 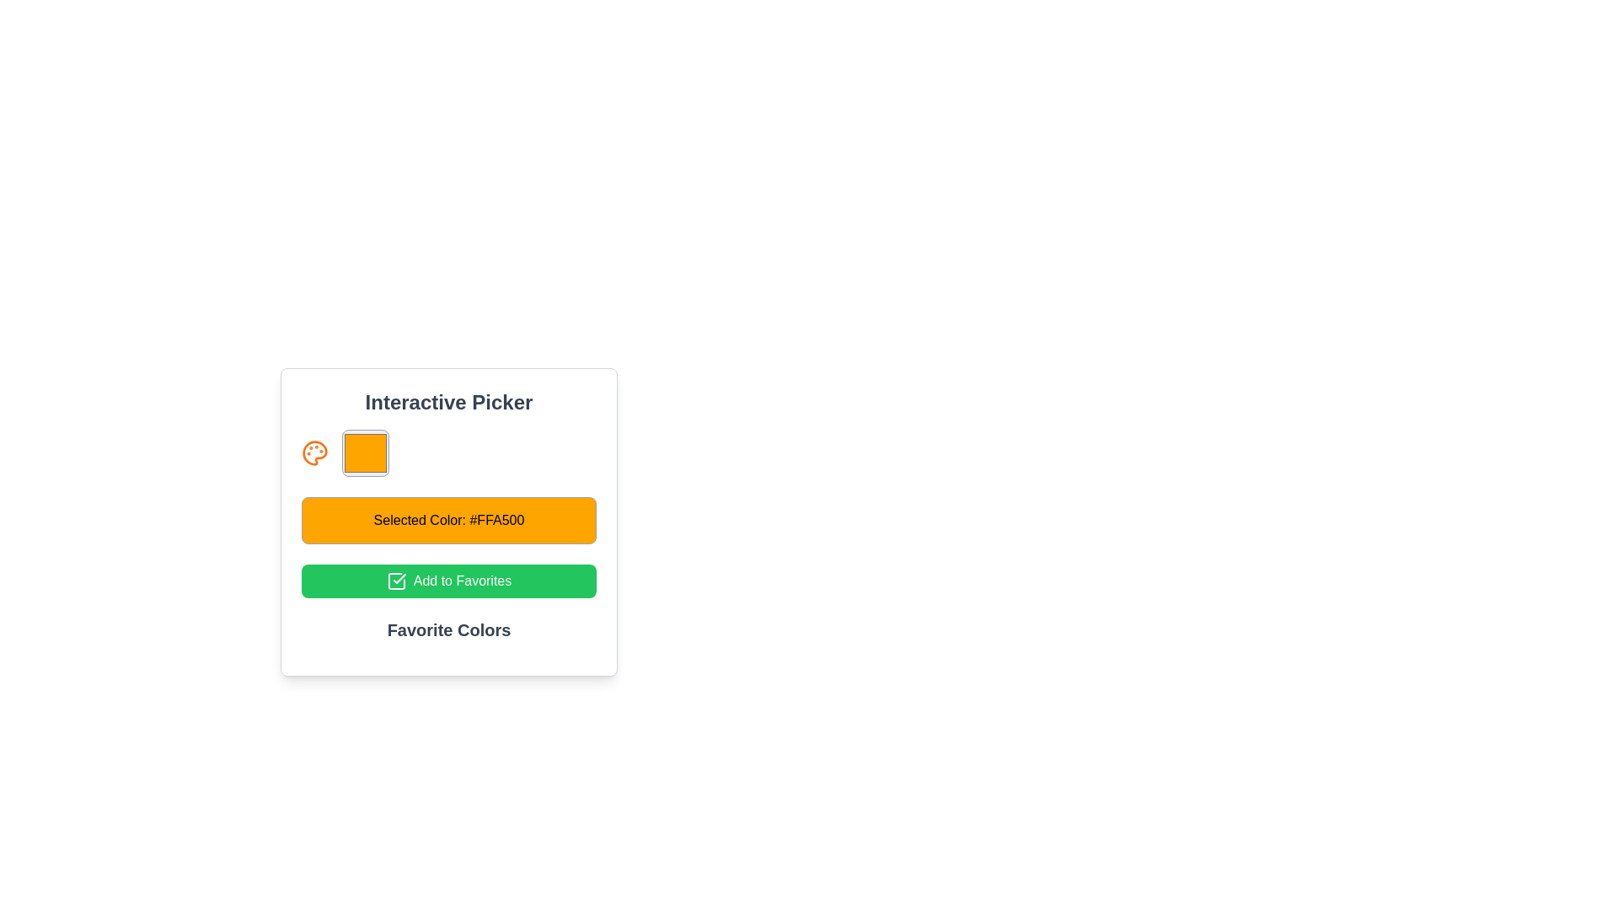 What do you see at coordinates (448, 581) in the screenshot?
I see `the 'Add to Favorites' button, which has a vibrant green background and white text with a checkmark icon` at bounding box center [448, 581].